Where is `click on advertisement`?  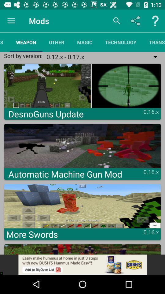 click on advertisement is located at coordinates (82, 264).